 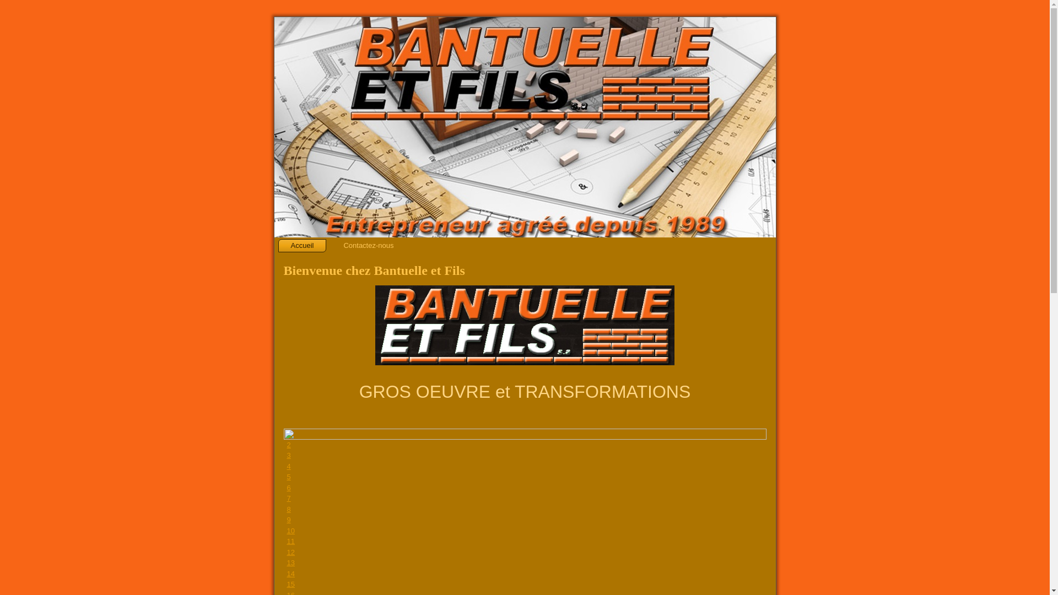 What do you see at coordinates (290, 583) in the screenshot?
I see `'15'` at bounding box center [290, 583].